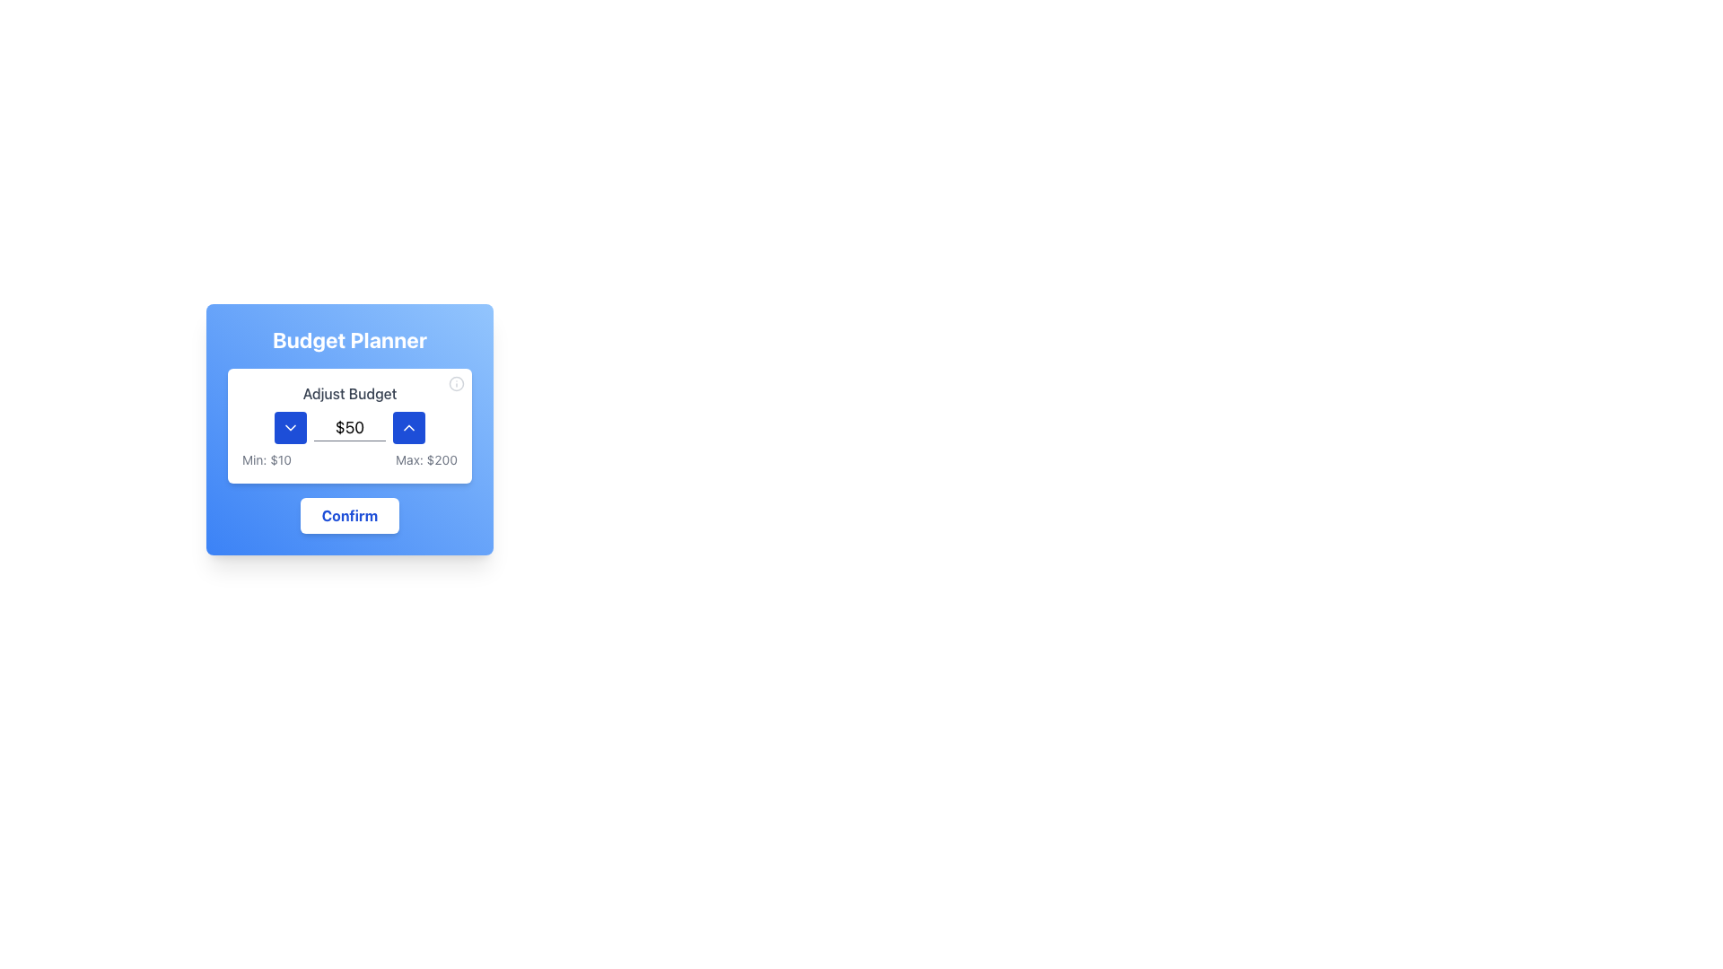  I want to click on the informative icon located in the top-right corner of the 'Adjust Budget' section, so click(456, 383).